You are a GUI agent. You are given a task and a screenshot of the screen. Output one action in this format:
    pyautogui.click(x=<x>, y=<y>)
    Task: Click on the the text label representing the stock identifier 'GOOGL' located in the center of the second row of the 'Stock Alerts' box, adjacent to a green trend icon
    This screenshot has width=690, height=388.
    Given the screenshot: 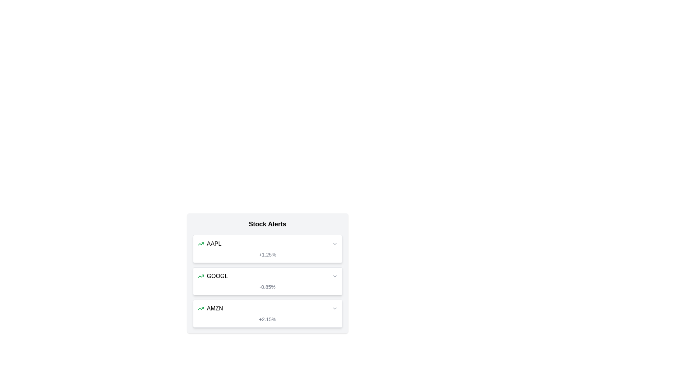 What is the action you would take?
    pyautogui.click(x=217, y=276)
    